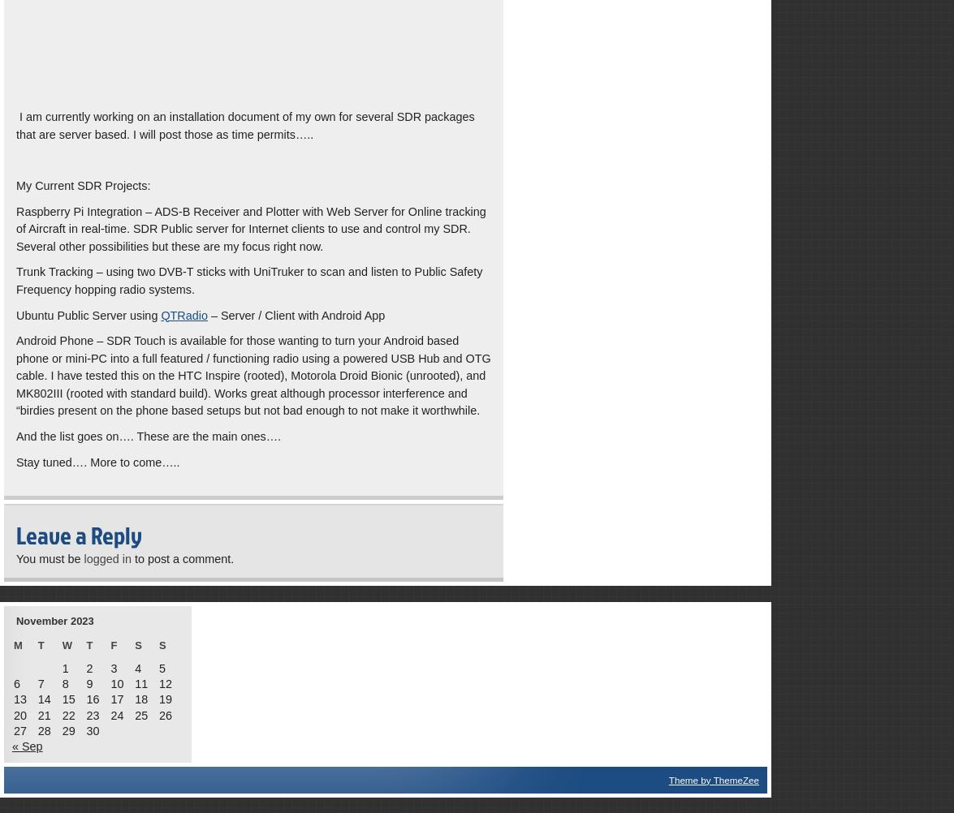  Describe the element at coordinates (148, 436) in the screenshot. I see `'And the list goes on…. These are the main ones….'` at that location.